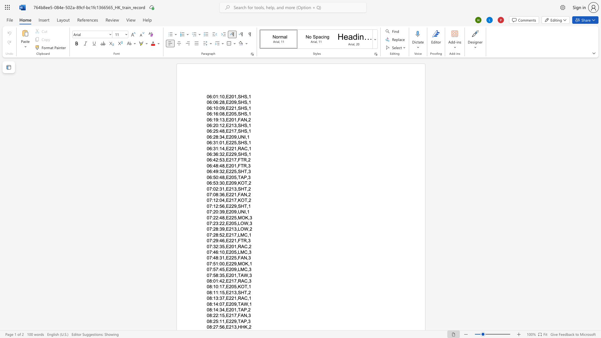 This screenshot has width=601, height=338. Describe the element at coordinates (224, 96) in the screenshot. I see `the subset text ",E201,S" within the text "06:01:10,E201,SHS,1"` at that location.